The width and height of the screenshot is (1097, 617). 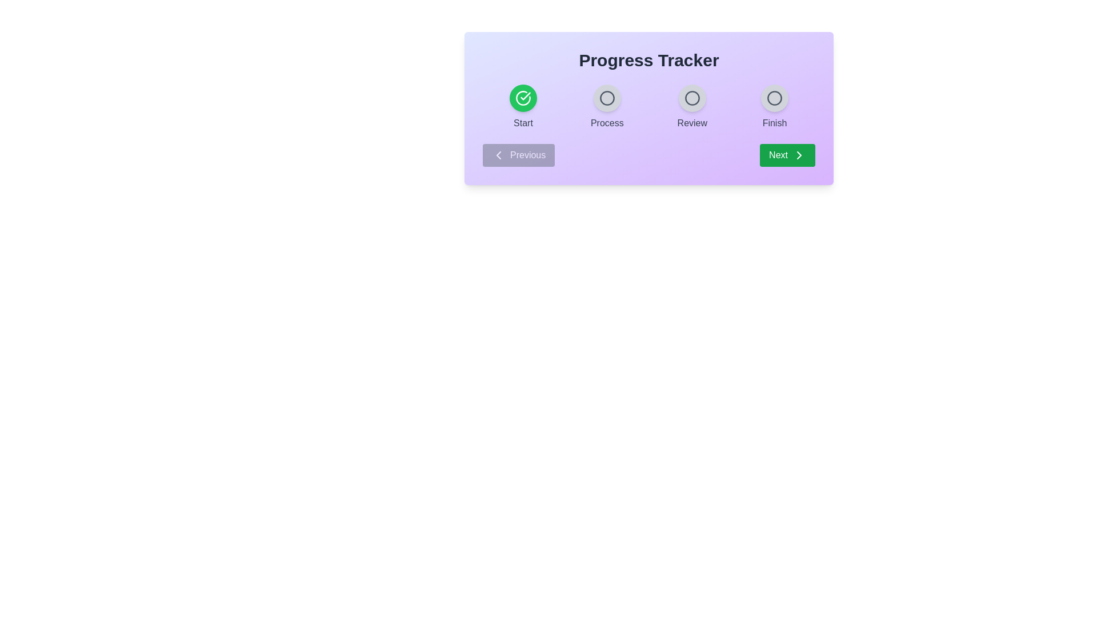 What do you see at coordinates (606, 98) in the screenshot?
I see `the second circular icon in the progress tracker, which represents the 'Process' step, positioned between the 'Start' and 'Review' icons` at bounding box center [606, 98].